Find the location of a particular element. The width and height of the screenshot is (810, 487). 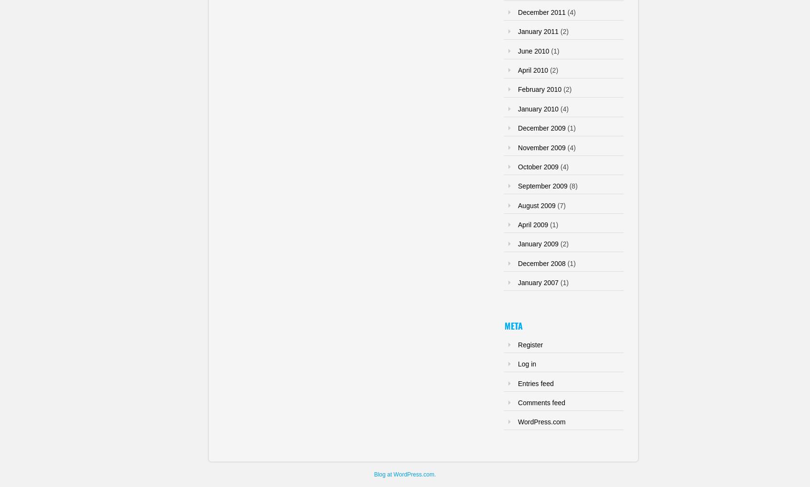

'November 2009' is located at coordinates (541, 147).